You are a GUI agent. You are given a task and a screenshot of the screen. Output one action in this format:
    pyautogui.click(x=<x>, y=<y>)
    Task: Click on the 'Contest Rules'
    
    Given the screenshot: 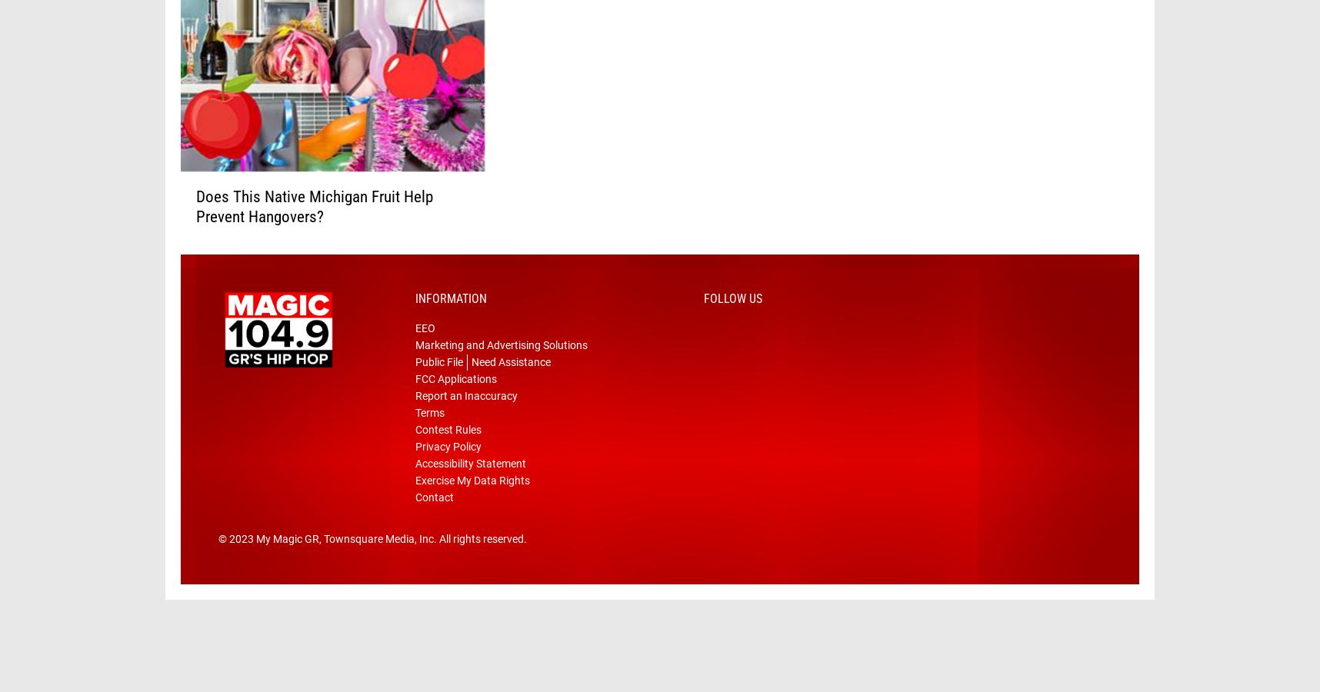 What is the action you would take?
    pyautogui.click(x=448, y=454)
    